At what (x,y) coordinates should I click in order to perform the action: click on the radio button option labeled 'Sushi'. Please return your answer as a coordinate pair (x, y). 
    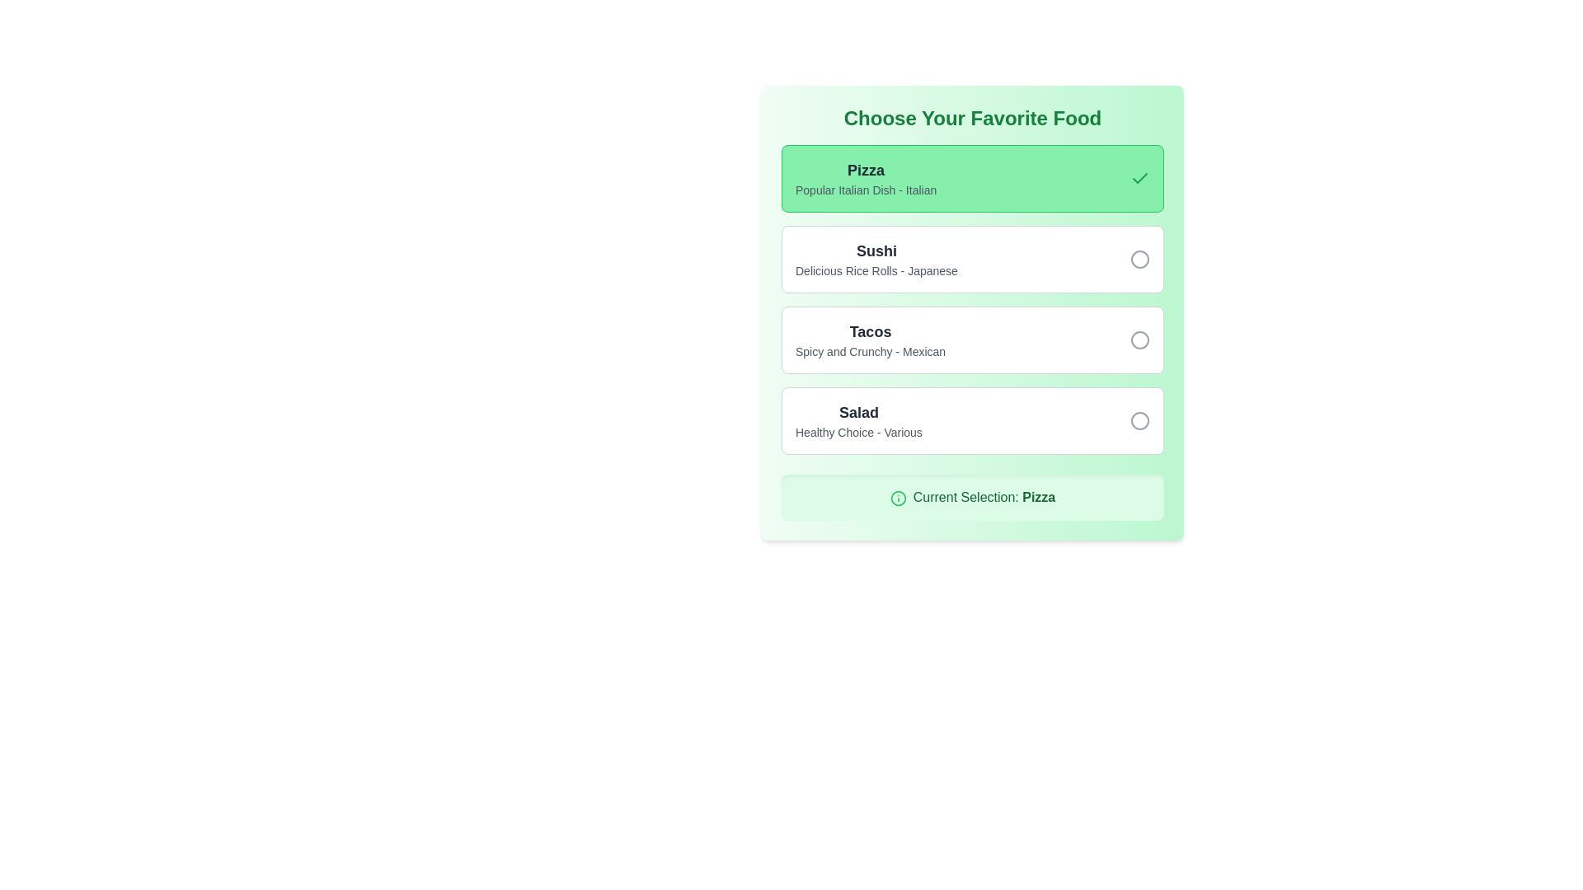
    Looking at the image, I should click on (973, 260).